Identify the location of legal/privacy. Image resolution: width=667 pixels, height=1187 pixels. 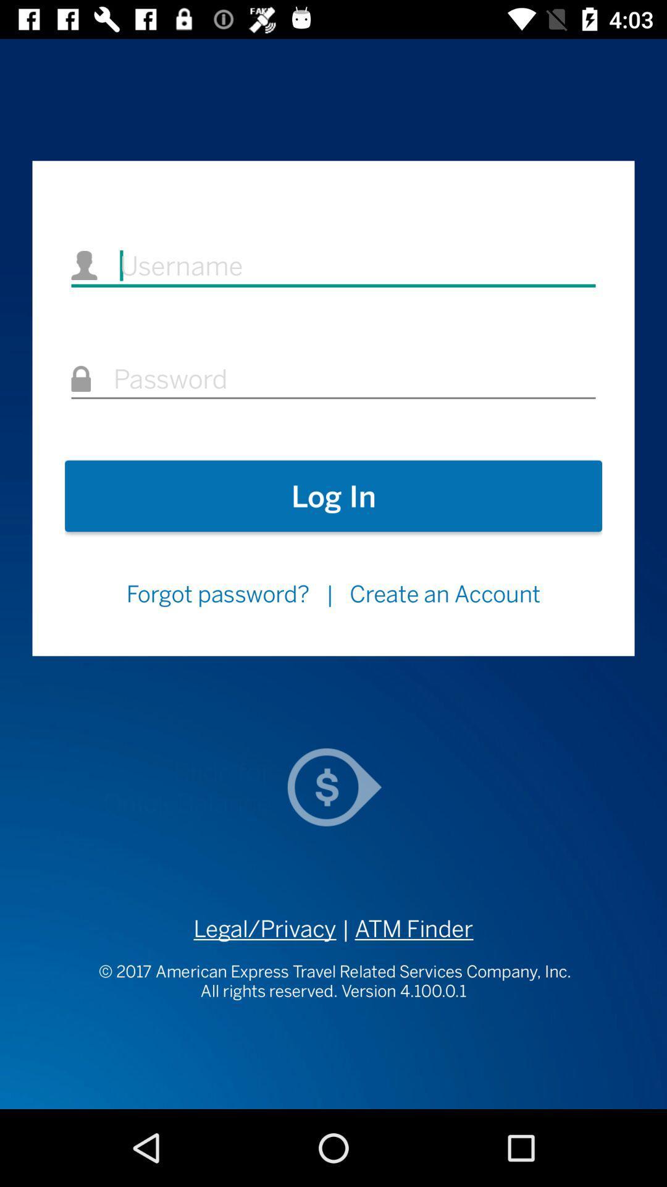
(264, 929).